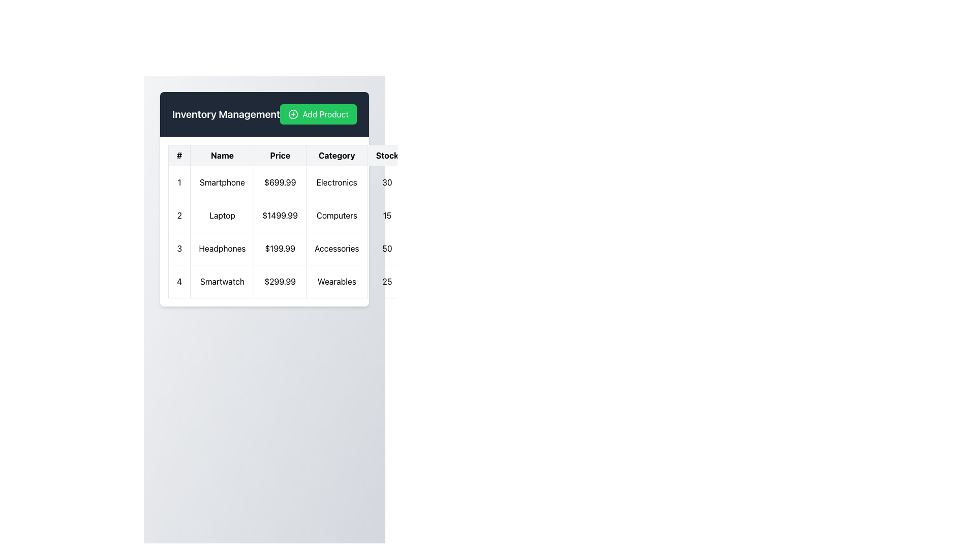 The height and width of the screenshot is (549, 976). What do you see at coordinates (226, 114) in the screenshot?
I see `the 'Inventory Management' text label, which is styled in white with an extra-large font weight on a dark-gray background, located at the top-left corner of the header section` at bounding box center [226, 114].